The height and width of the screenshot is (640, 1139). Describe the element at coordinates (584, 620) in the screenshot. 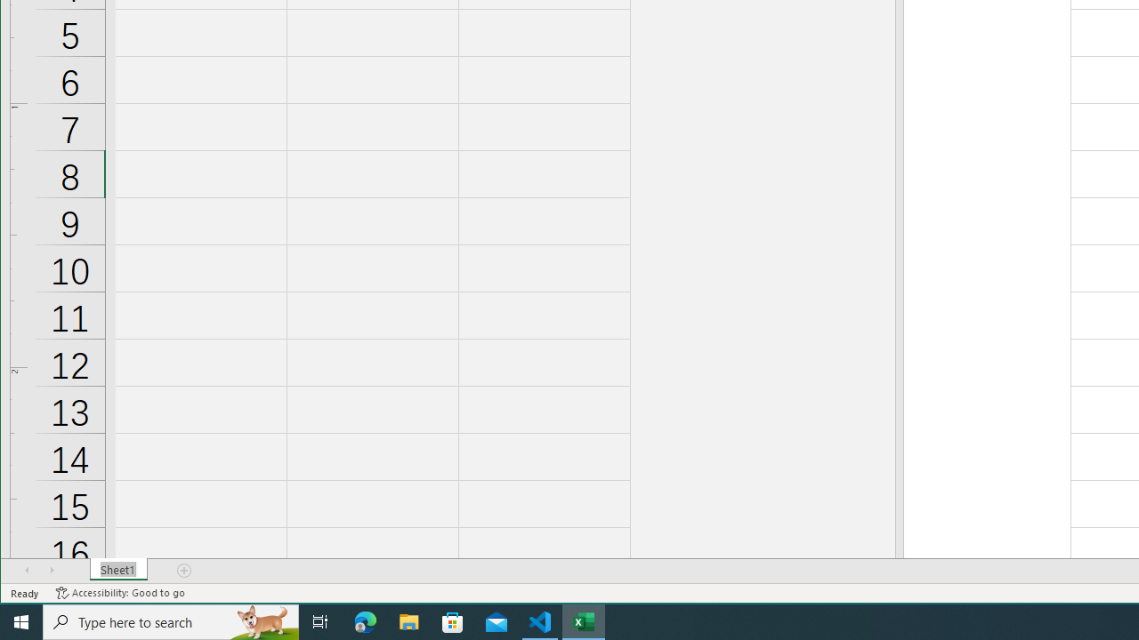

I see `'Excel - 1 running window'` at that location.